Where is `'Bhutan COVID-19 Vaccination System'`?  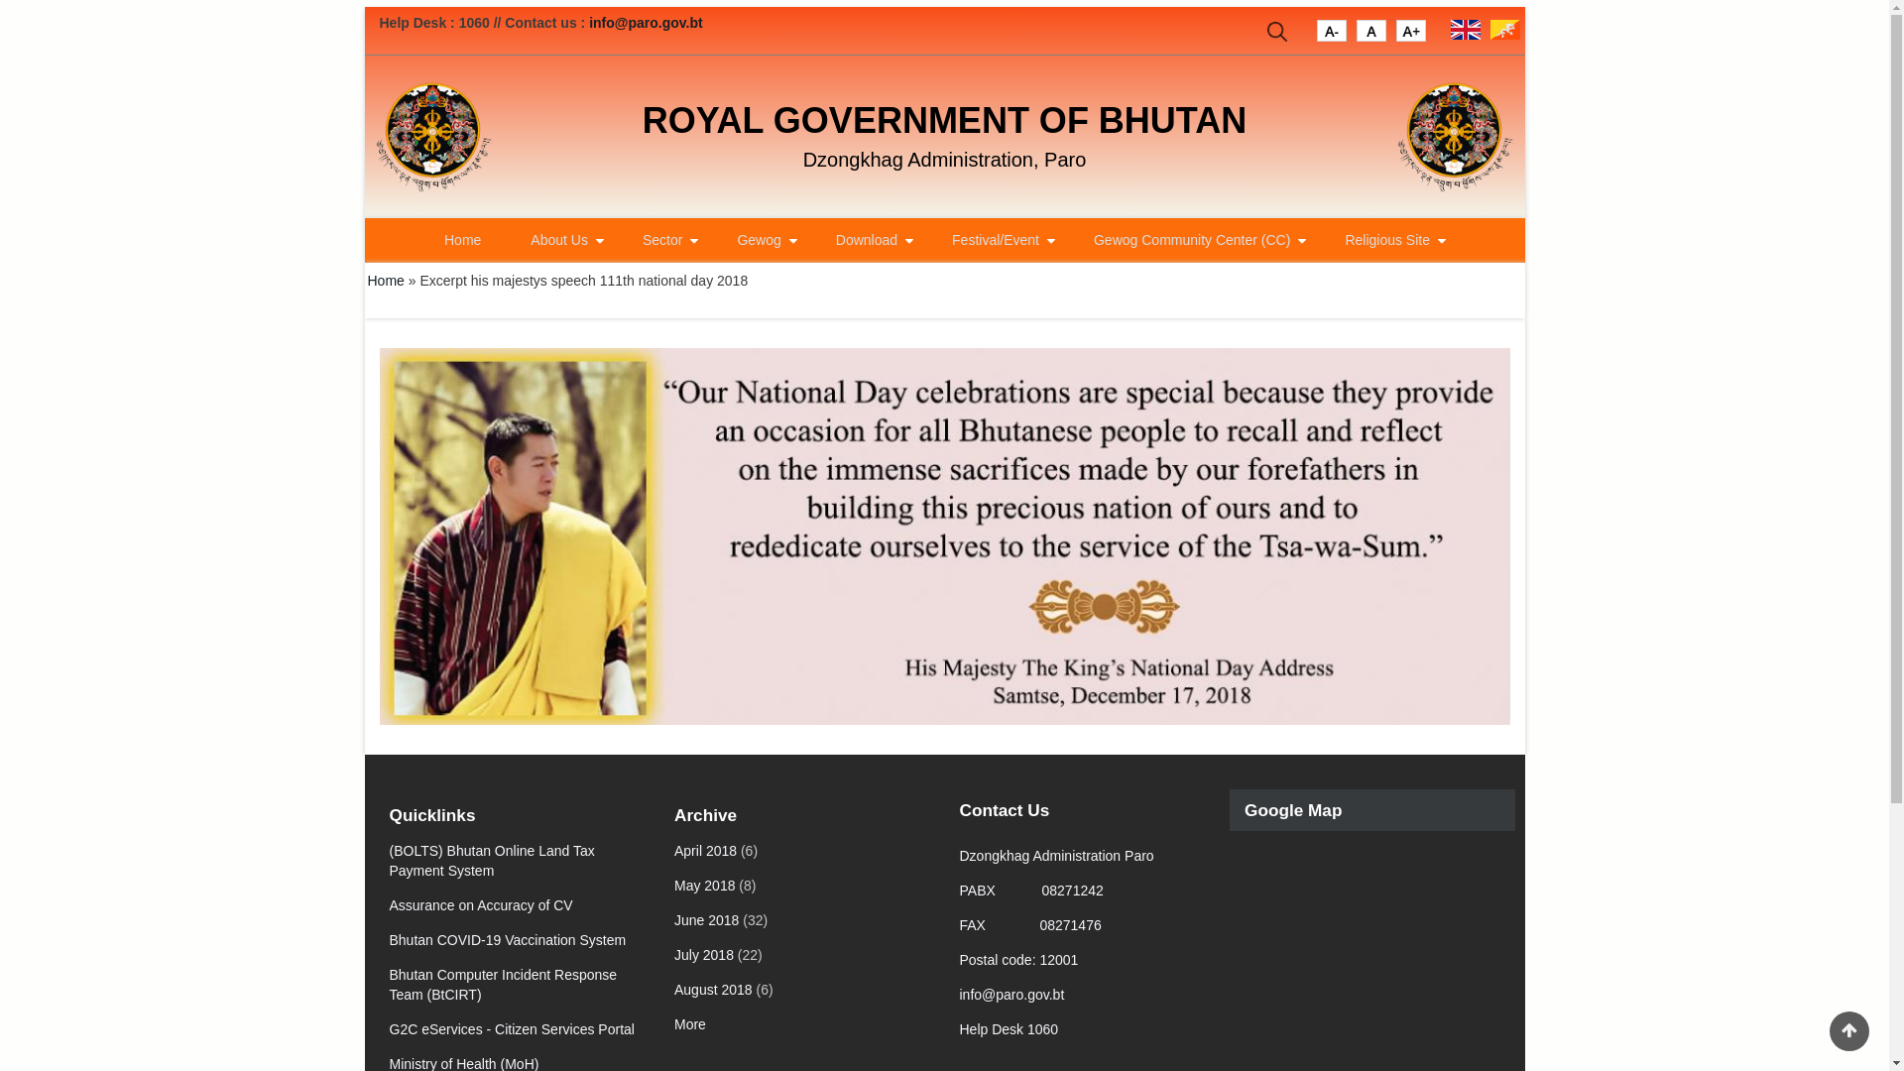
'Bhutan COVID-19 Vaccination System' is located at coordinates (507, 939).